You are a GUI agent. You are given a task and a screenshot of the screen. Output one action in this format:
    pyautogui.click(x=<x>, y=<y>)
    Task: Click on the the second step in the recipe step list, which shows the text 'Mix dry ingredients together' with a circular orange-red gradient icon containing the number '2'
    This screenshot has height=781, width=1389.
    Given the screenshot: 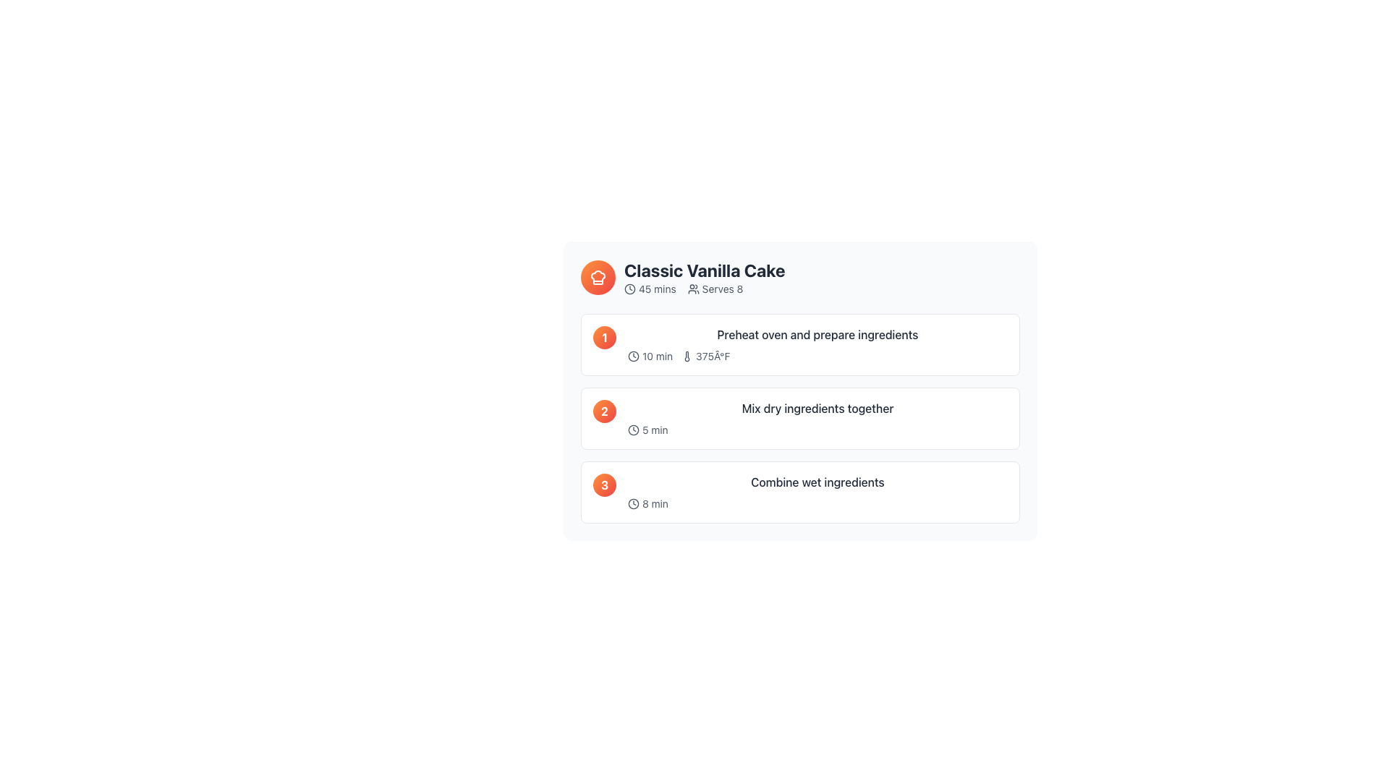 What is the action you would take?
    pyautogui.click(x=799, y=418)
    